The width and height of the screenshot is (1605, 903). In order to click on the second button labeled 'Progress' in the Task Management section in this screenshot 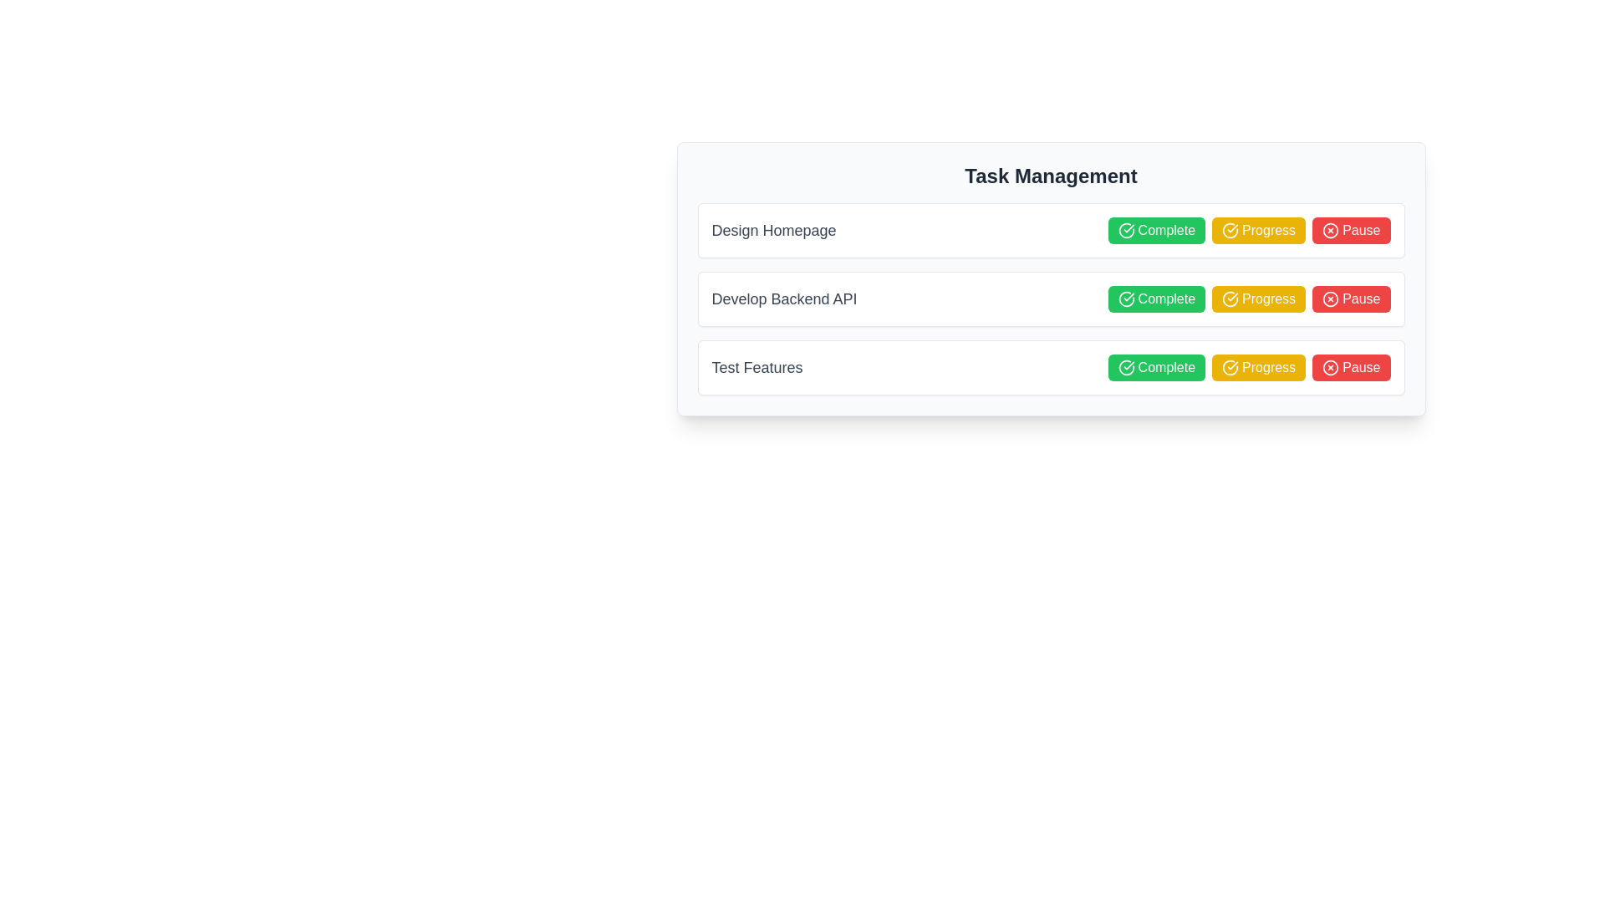, I will do `click(1259, 231)`.